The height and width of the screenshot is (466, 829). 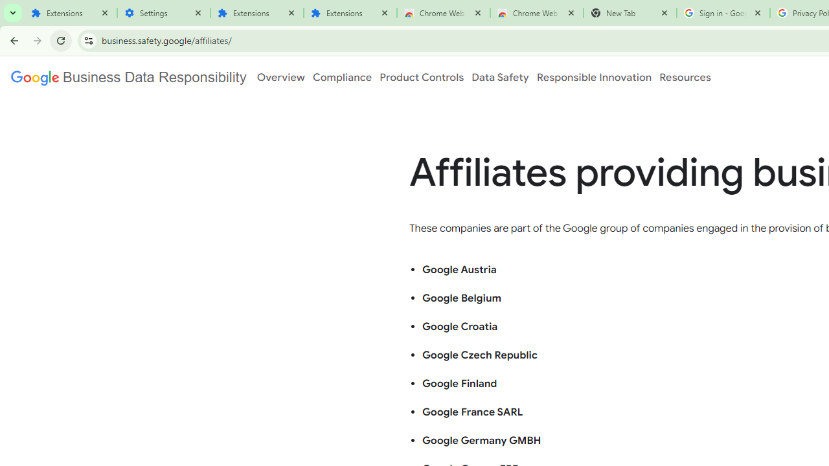 What do you see at coordinates (422, 77) in the screenshot?
I see `'Product Controls'` at bounding box center [422, 77].